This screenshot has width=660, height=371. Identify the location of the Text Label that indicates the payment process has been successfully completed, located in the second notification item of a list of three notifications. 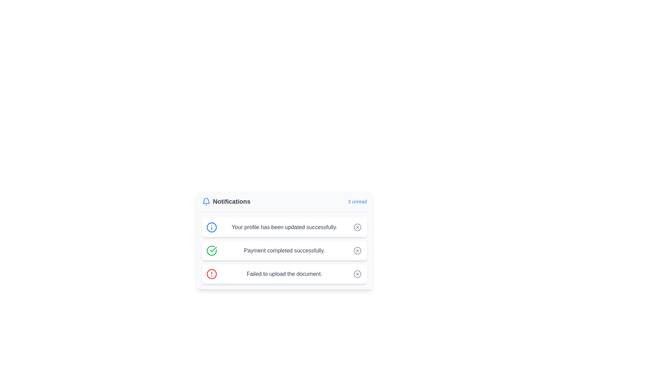
(284, 250).